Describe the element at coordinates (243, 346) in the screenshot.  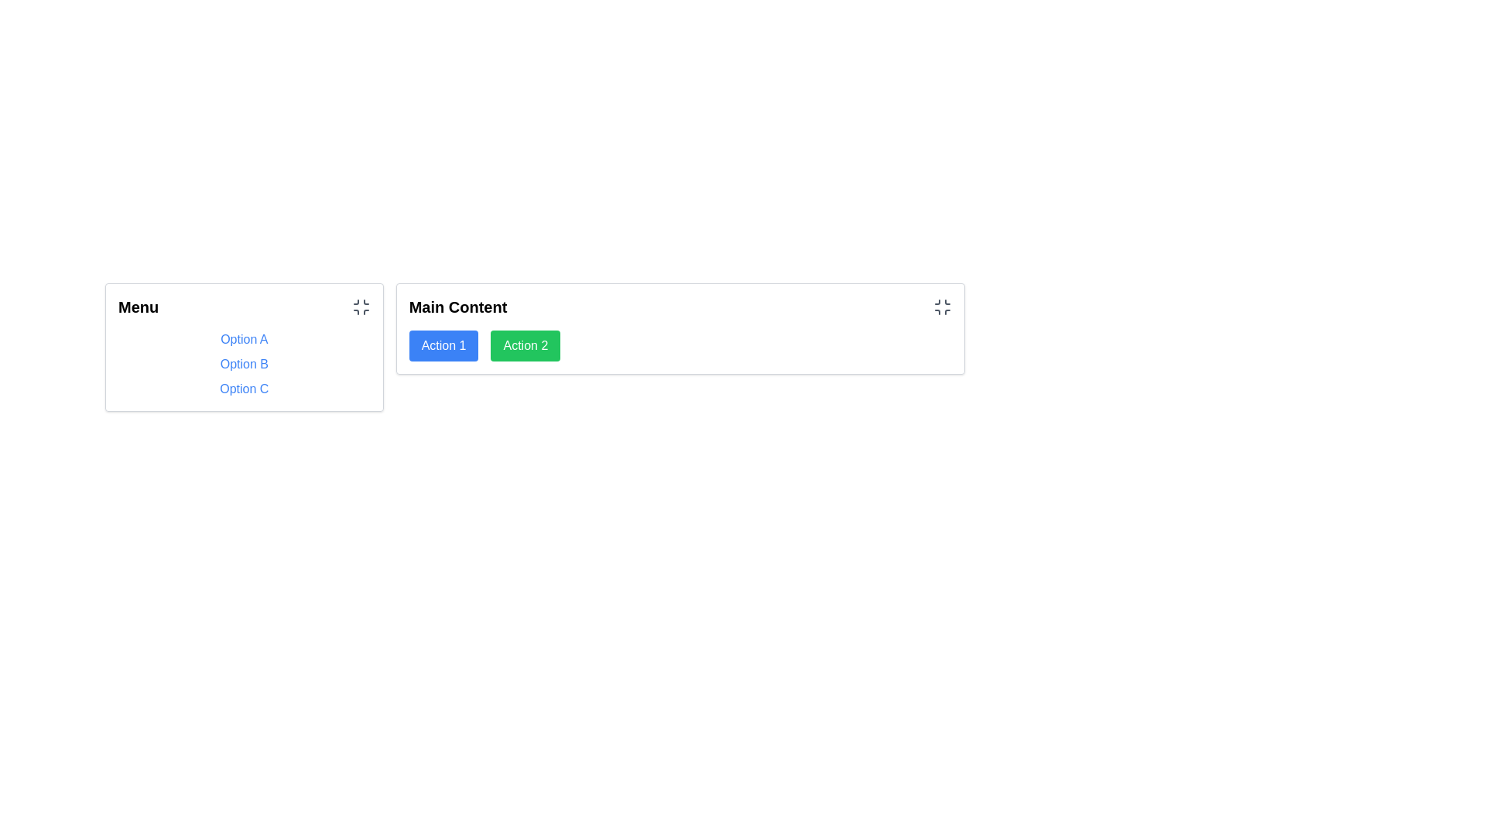
I see `an option in the Navigation list located in the Menu section to underline it` at that location.